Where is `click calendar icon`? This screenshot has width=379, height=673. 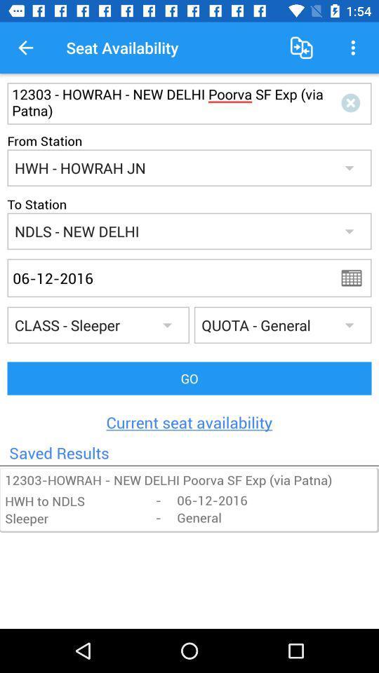 click calendar icon is located at coordinates (356, 277).